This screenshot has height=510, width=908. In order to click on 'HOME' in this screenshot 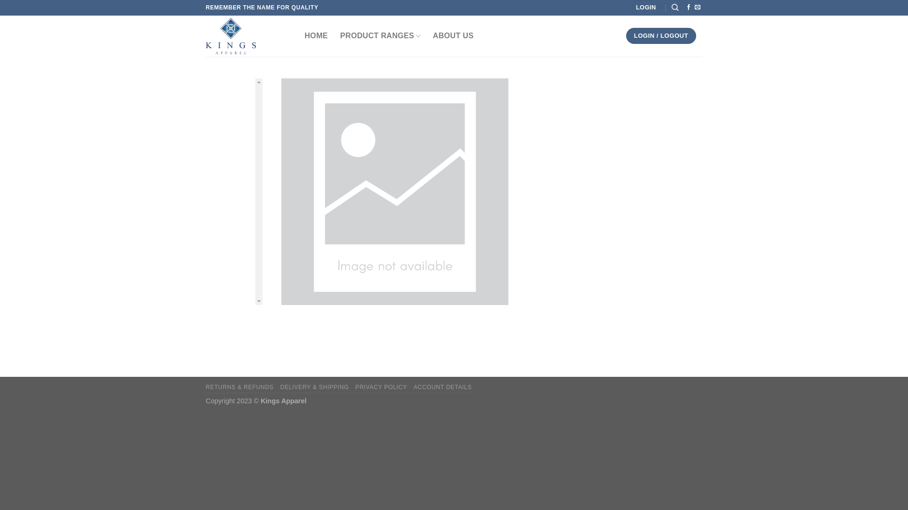, I will do `click(316, 35)`.